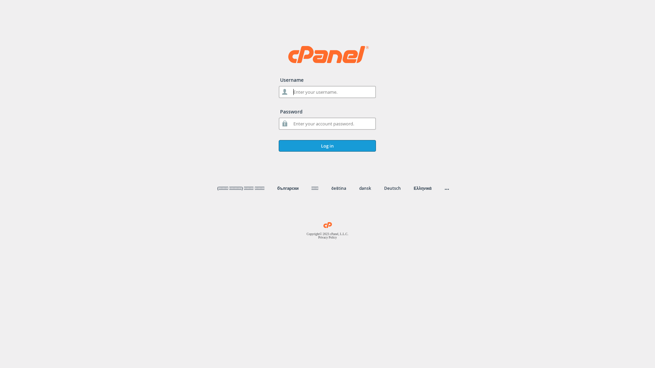 This screenshot has height=368, width=655. I want to click on 'Log in', so click(327, 145).